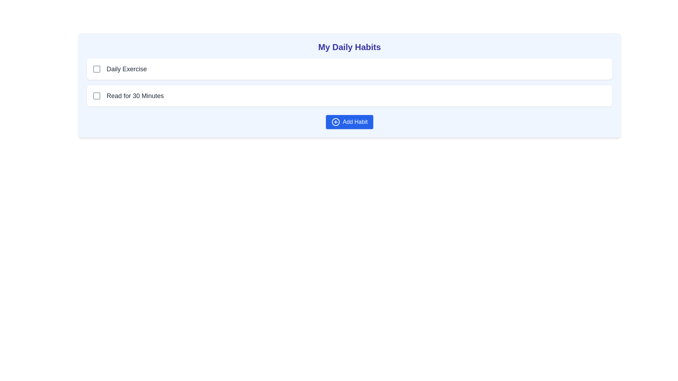 The height and width of the screenshot is (381, 678). I want to click on the 'Add Habit' button icon, which is visually represented to signify adding or creating new items, located inside a blue rectangular button to the left of the text label, so click(335, 122).